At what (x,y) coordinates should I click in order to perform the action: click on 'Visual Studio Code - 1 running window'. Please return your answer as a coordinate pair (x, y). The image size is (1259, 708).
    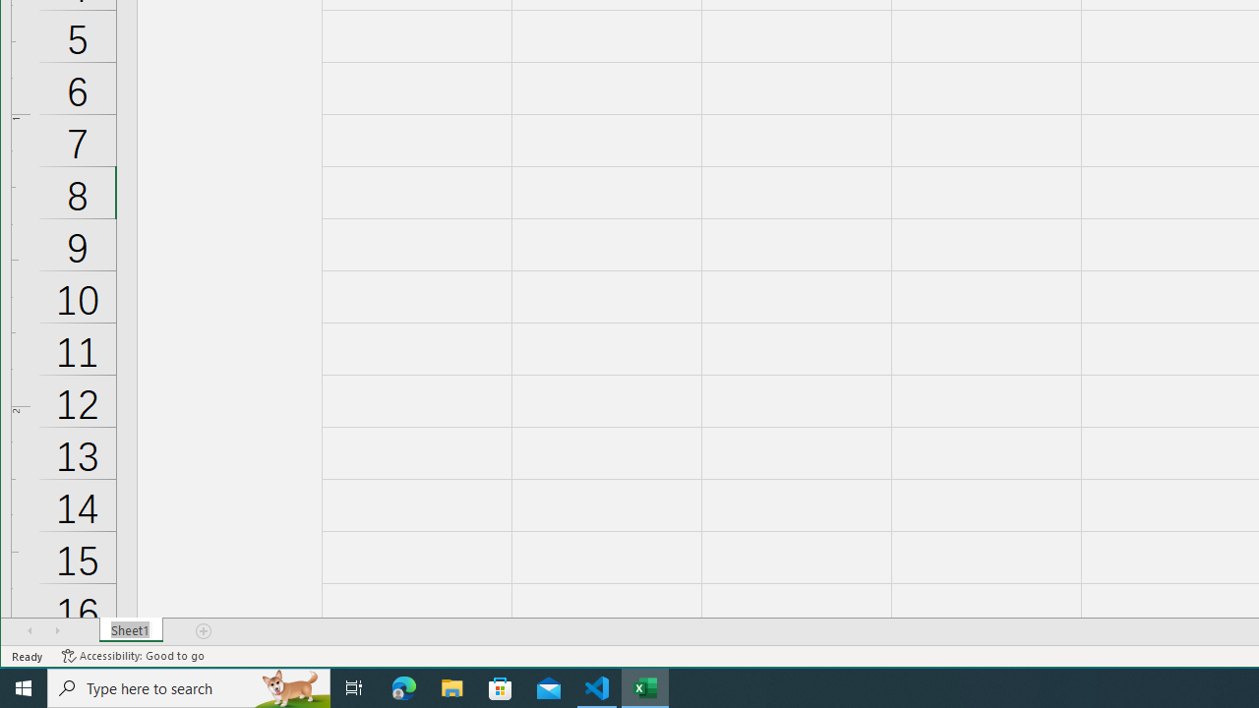
    Looking at the image, I should click on (596, 686).